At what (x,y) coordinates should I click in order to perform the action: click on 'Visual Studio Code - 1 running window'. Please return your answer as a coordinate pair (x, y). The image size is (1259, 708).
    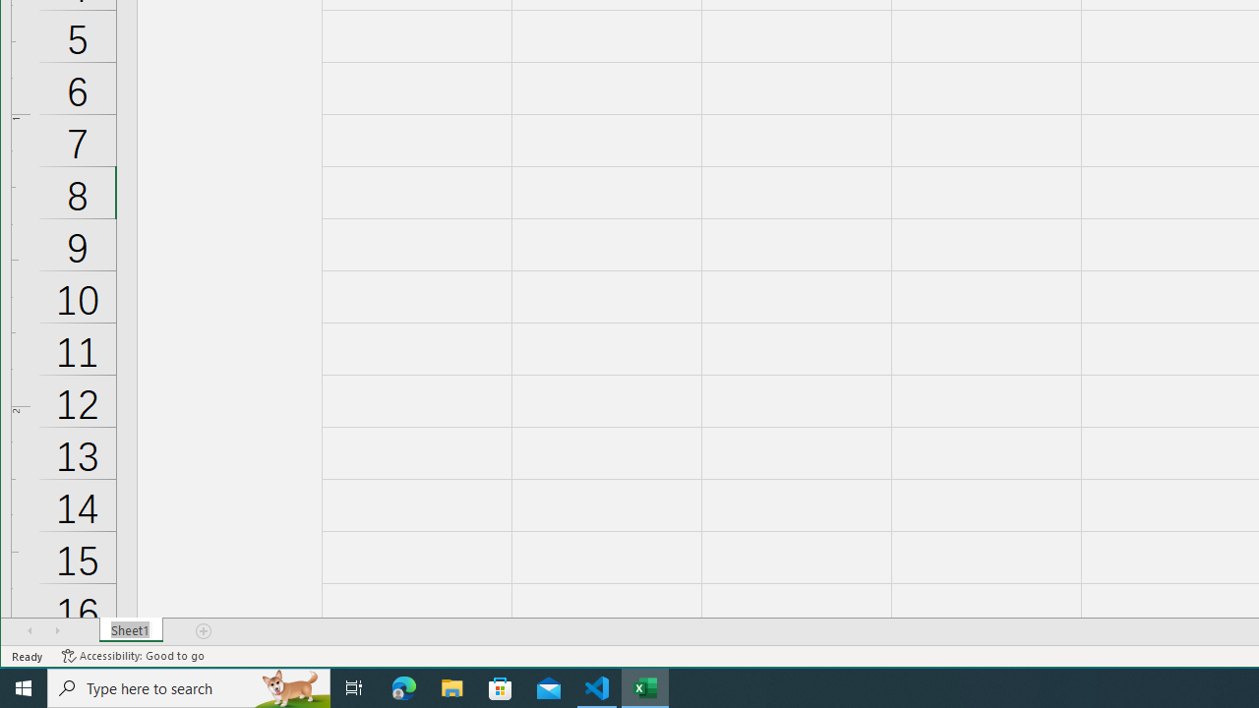
    Looking at the image, I should click on (596, 686).